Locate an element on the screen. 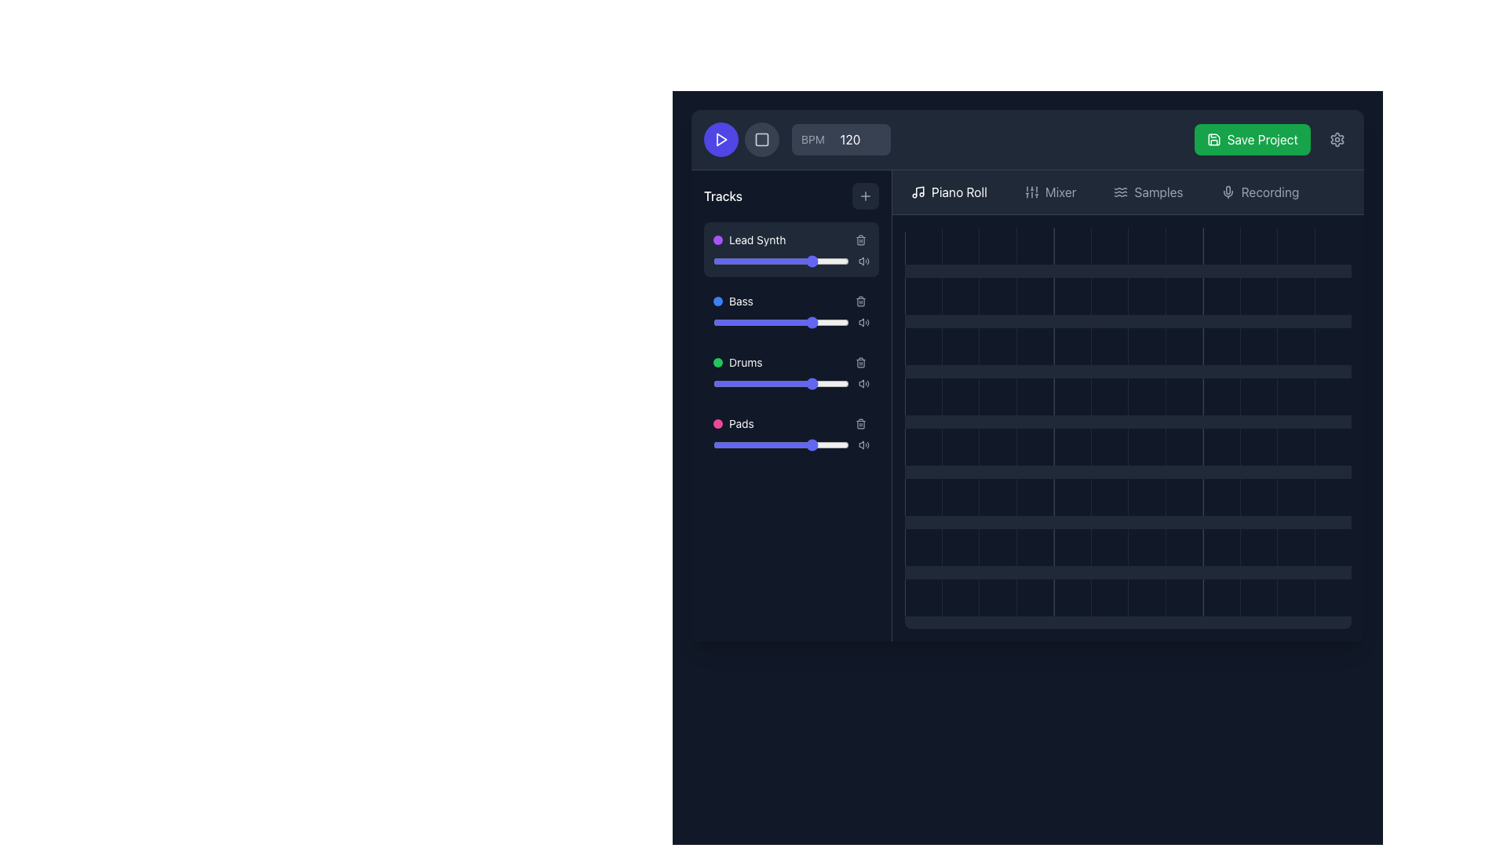 This screenshot has height=848, width=1507. the interactive grid cell located in the fourth row and tenth column of the grid, identified by its dark gray background that changes to lighter gray when hovered over is located at coordinates (1258, 396).